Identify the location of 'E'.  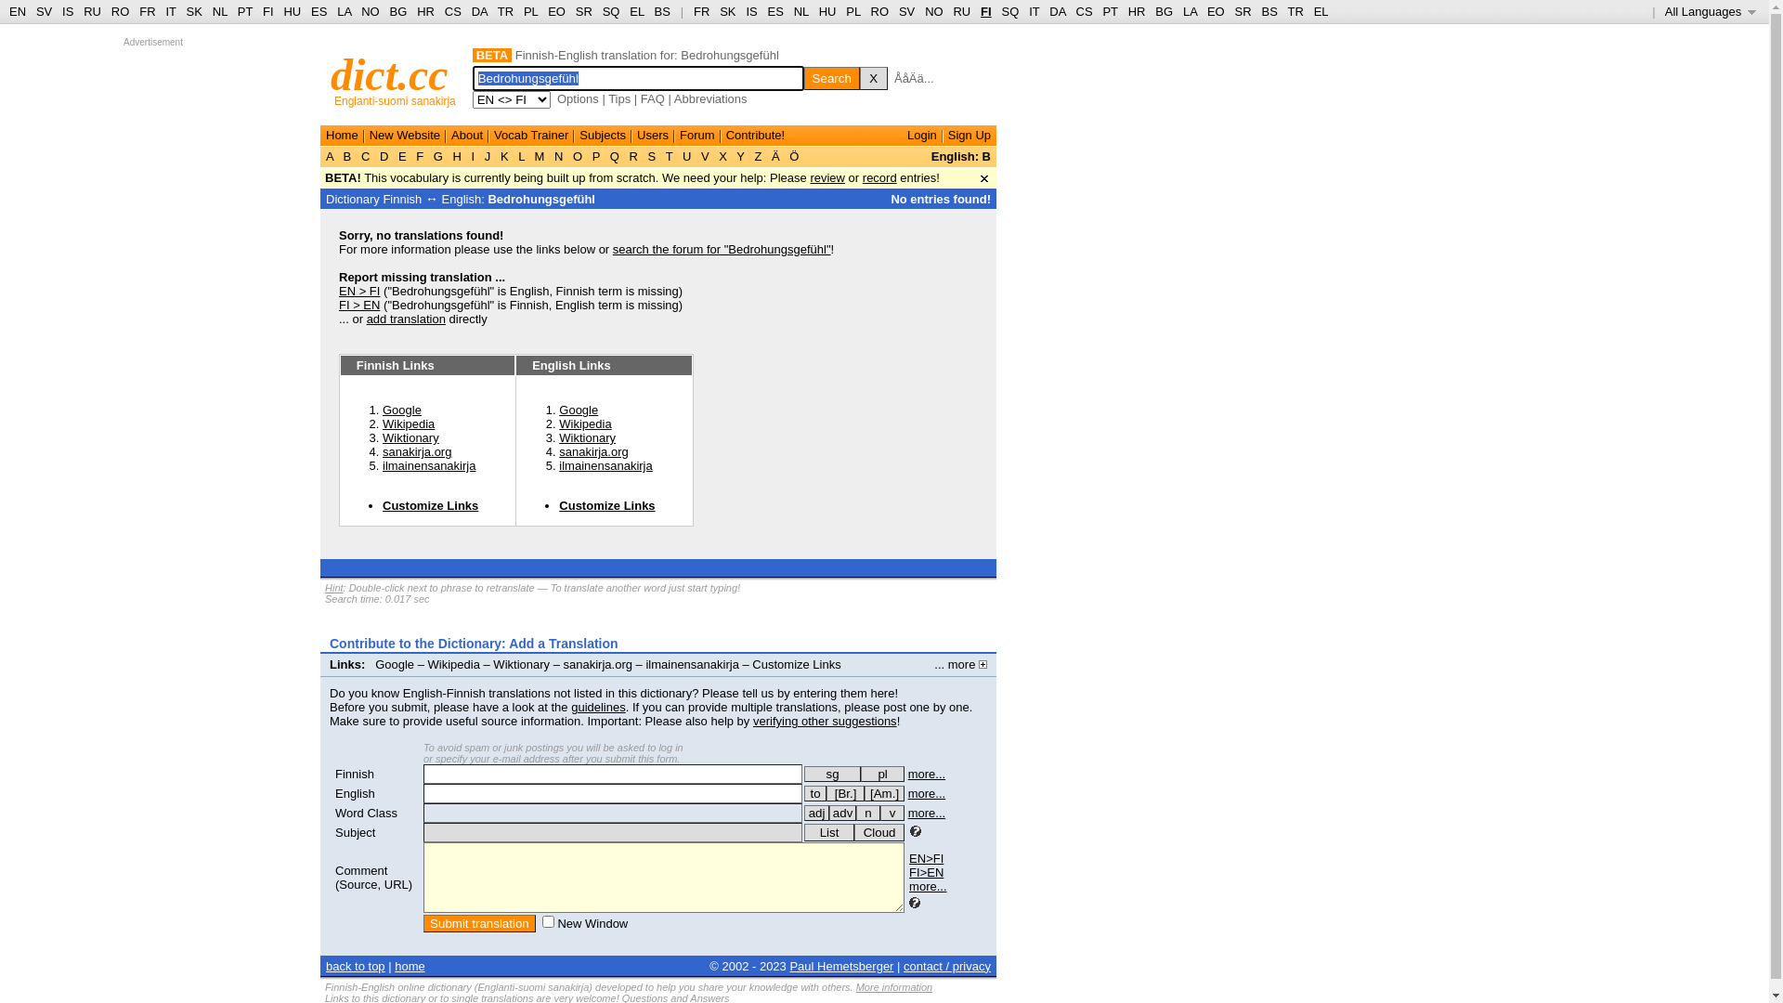
(400, 155).